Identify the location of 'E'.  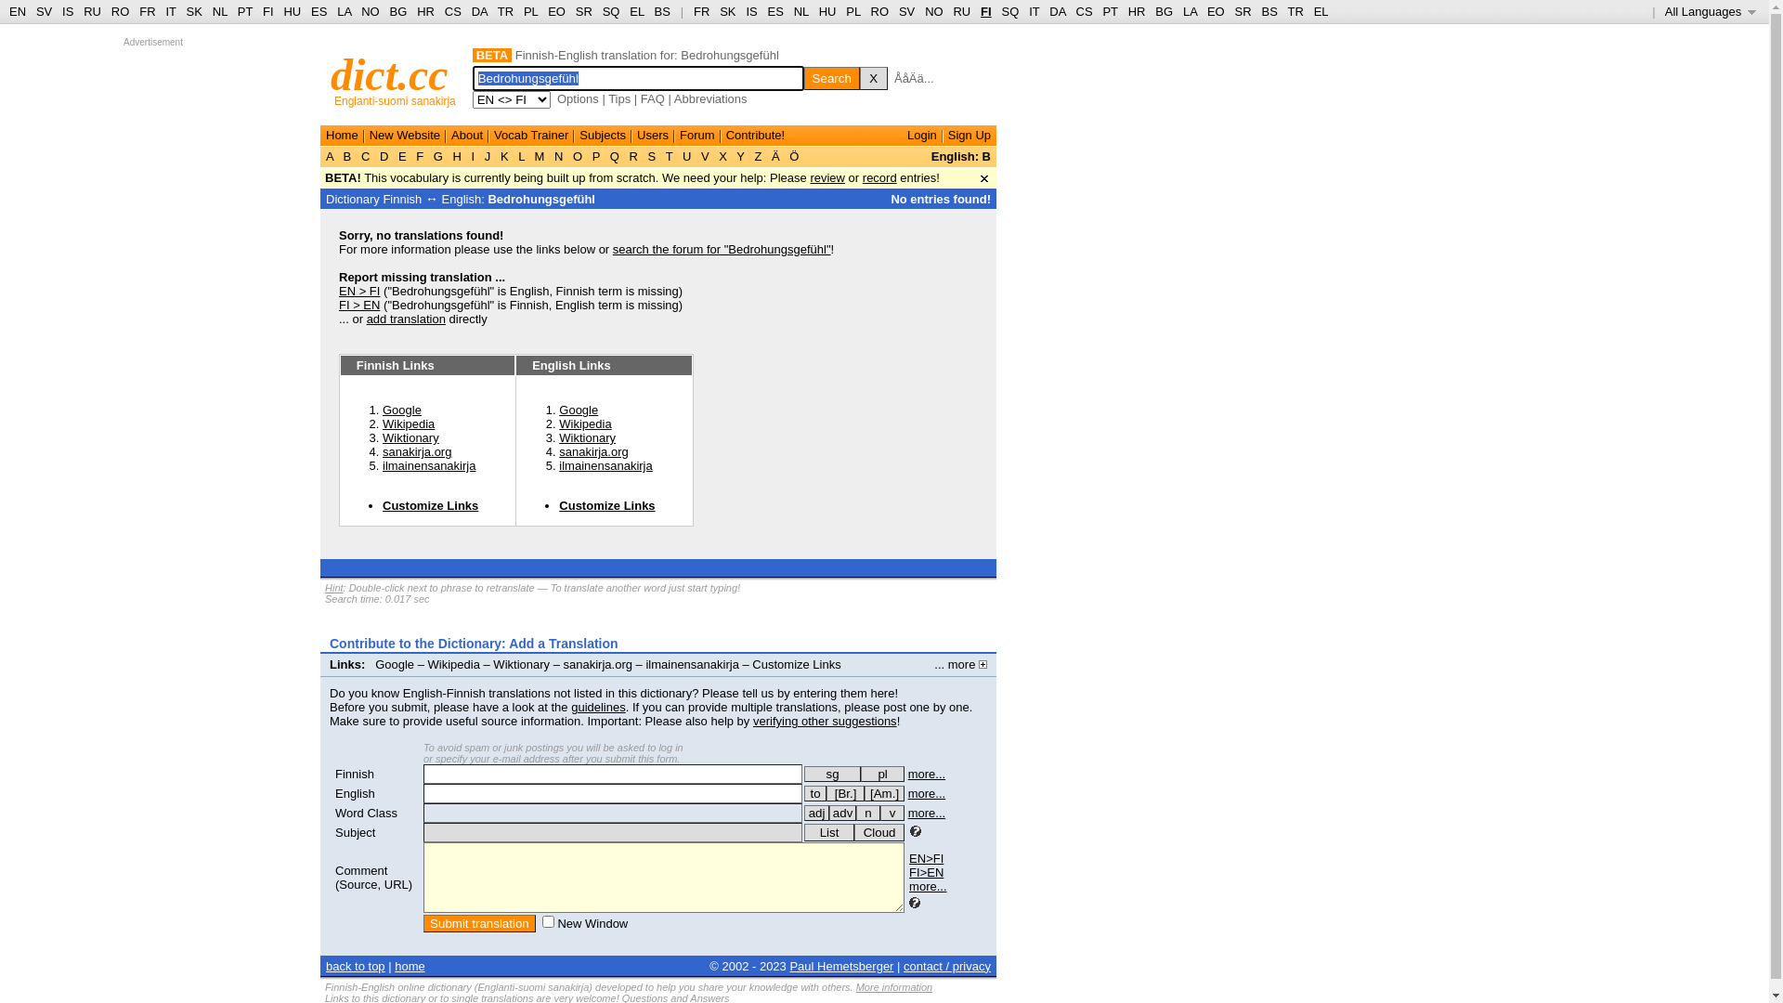
(400, 155).